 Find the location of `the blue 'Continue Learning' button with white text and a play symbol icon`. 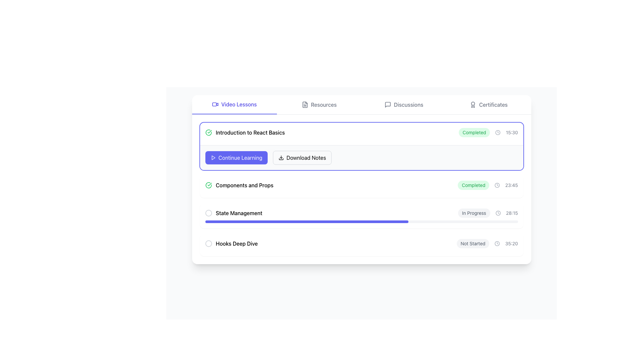

the blue 'Continue Learning' button with white text and a play symbol icon is located at coordinates (236, 157).